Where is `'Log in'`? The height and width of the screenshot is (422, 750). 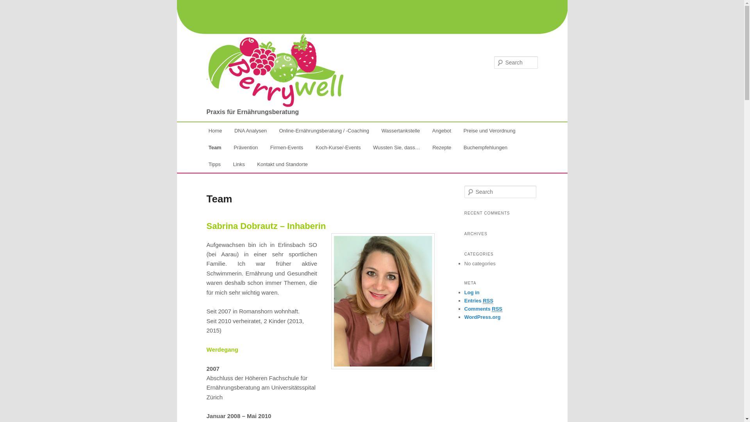
'Log in' is located at coordinates (471, 292).